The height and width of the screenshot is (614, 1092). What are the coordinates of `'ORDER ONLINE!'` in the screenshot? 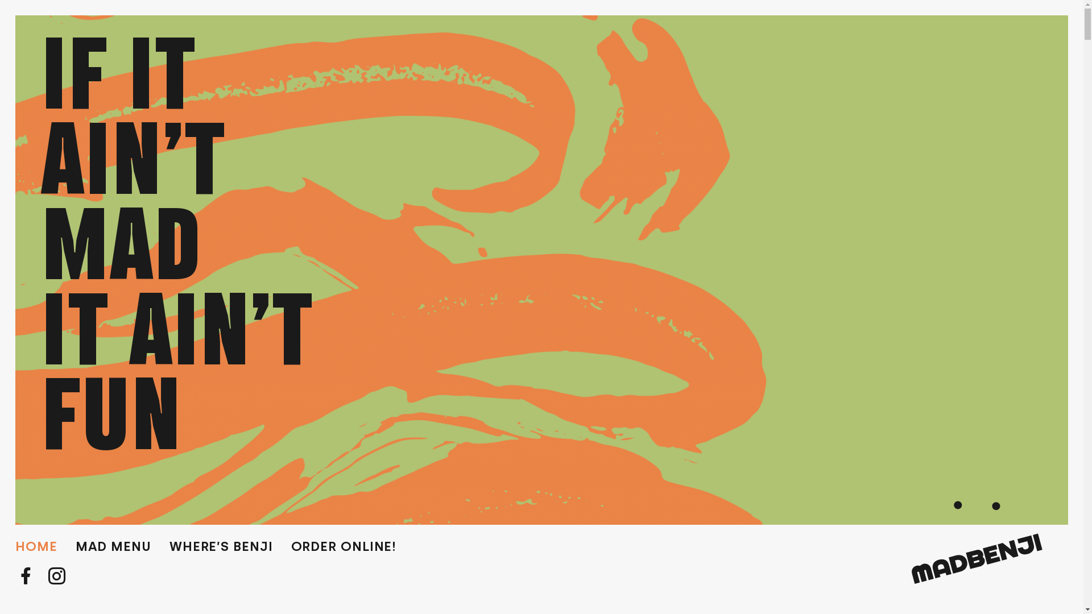 It's located at (343, 546).